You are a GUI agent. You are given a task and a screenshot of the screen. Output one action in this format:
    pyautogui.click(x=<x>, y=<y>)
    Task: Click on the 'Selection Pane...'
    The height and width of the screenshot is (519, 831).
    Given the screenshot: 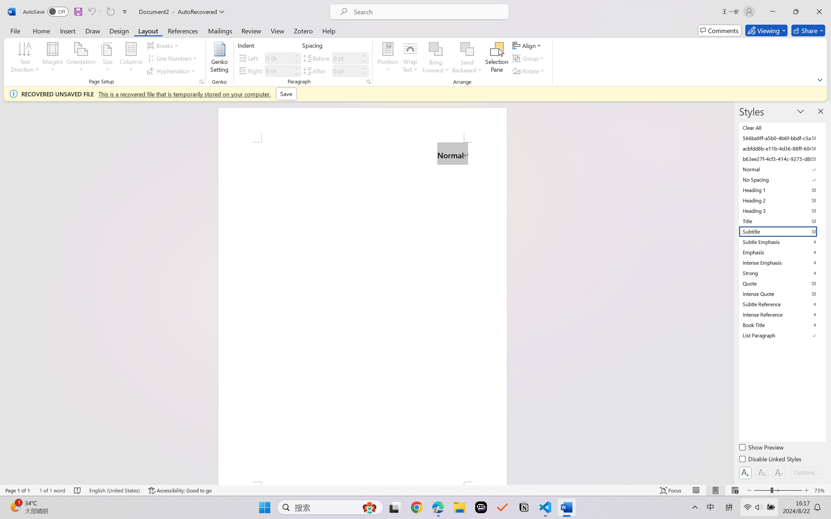 What is the action you would take?
    pyautogui.click(x=496, y=58)
    